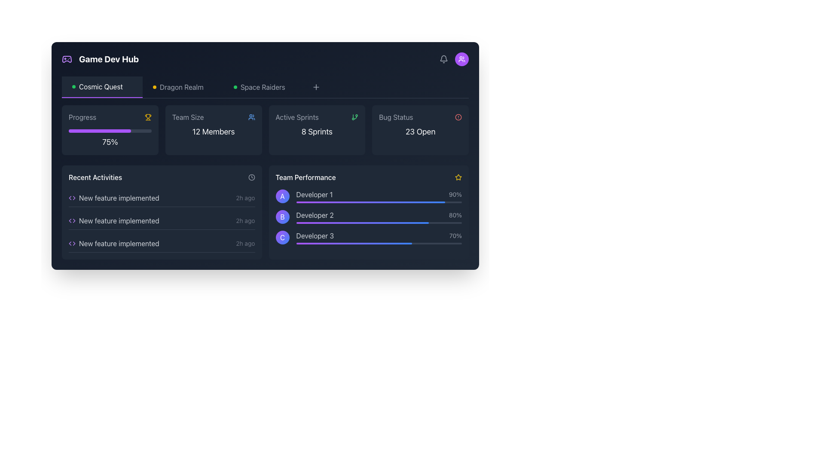  Describe the element at coordinates (315, 87) in the screenshot. I see `the 'Add' button located to the right of the 'Space Raiders' label in the top navigation bar using keyboard or accessibility tools` at that location.